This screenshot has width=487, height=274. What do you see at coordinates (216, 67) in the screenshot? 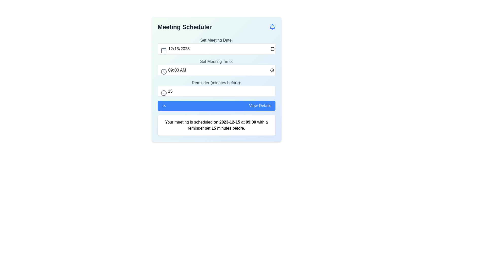
I see `the time input field labeled 'Set Meeting Time:'` at bounding box center [216, 67].